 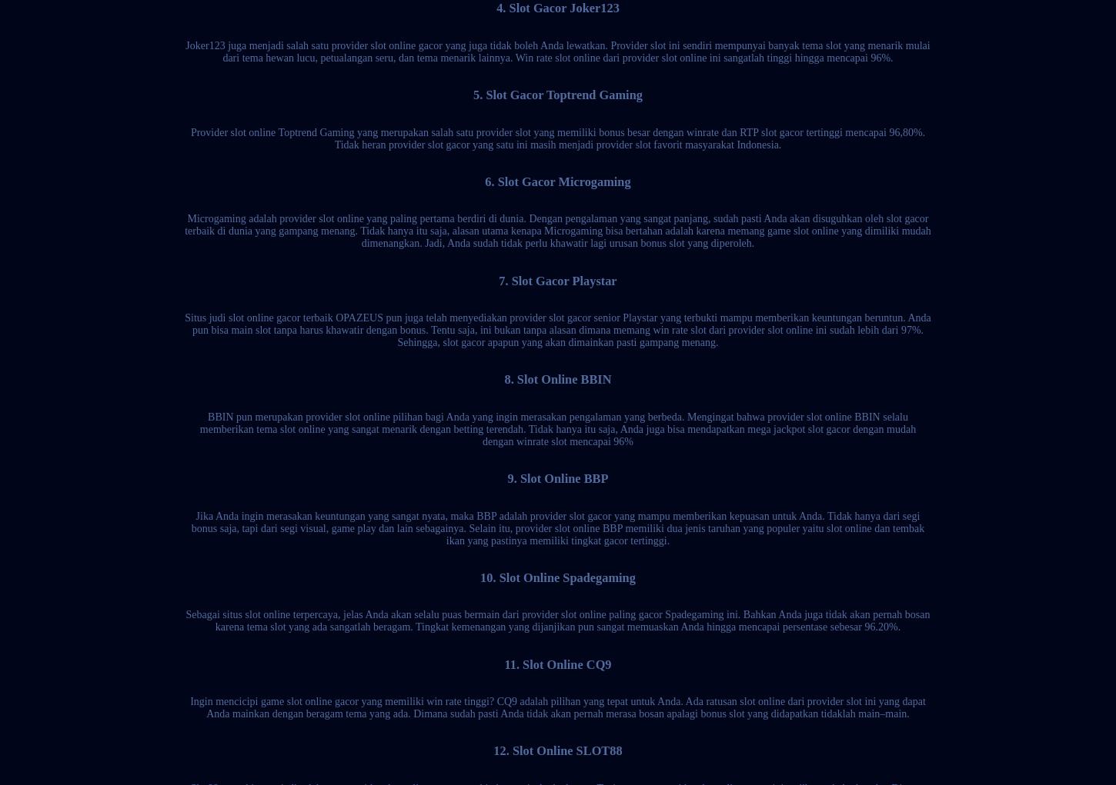 What do you see at coordinates (506, 478) in the screenshot?
I see `'9. Slot Online BBP'` at bounding box center [506, 478].